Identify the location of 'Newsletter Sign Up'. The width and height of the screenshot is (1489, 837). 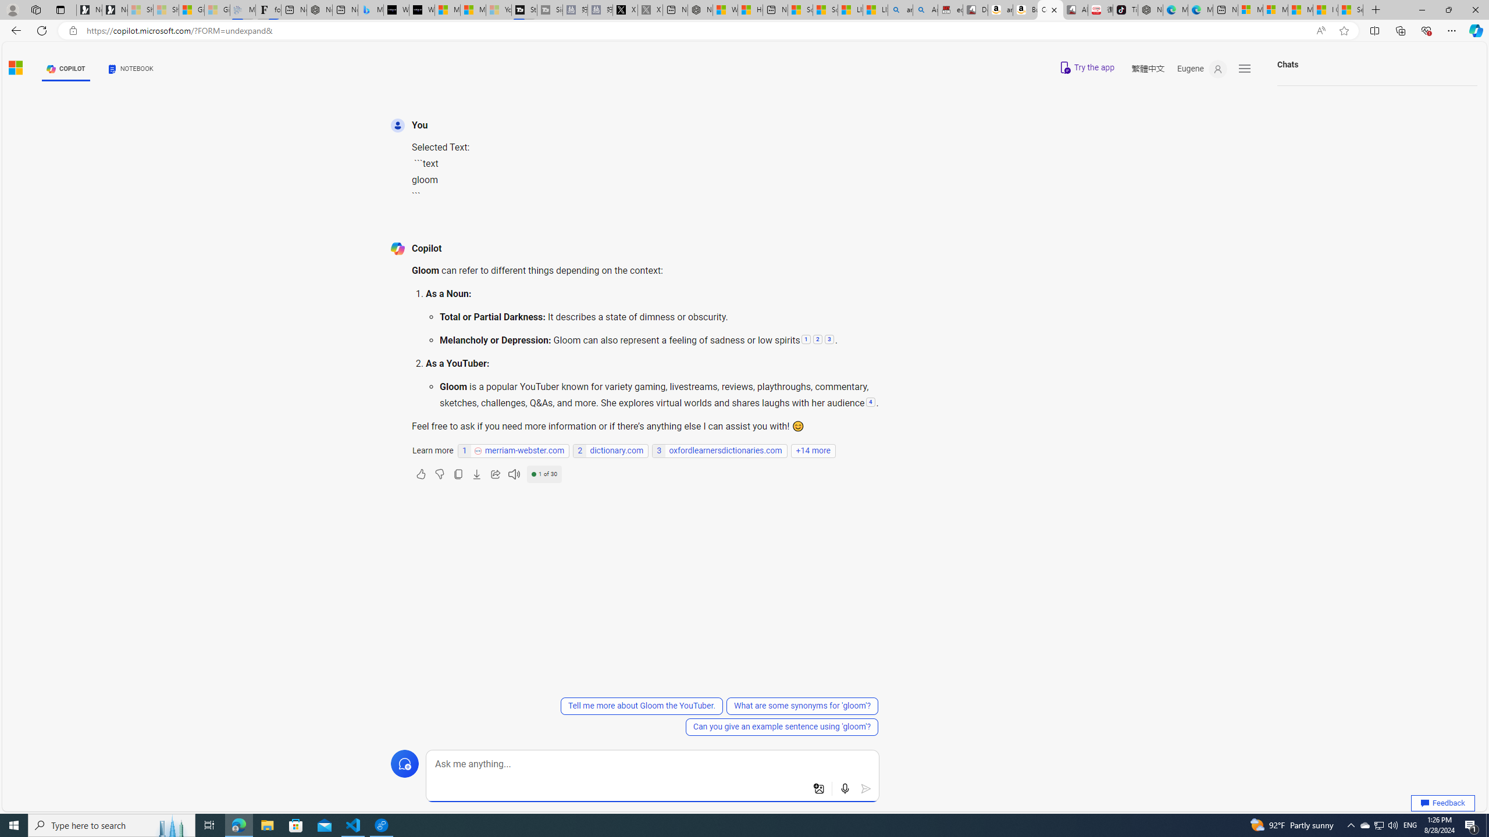
(114, 9).